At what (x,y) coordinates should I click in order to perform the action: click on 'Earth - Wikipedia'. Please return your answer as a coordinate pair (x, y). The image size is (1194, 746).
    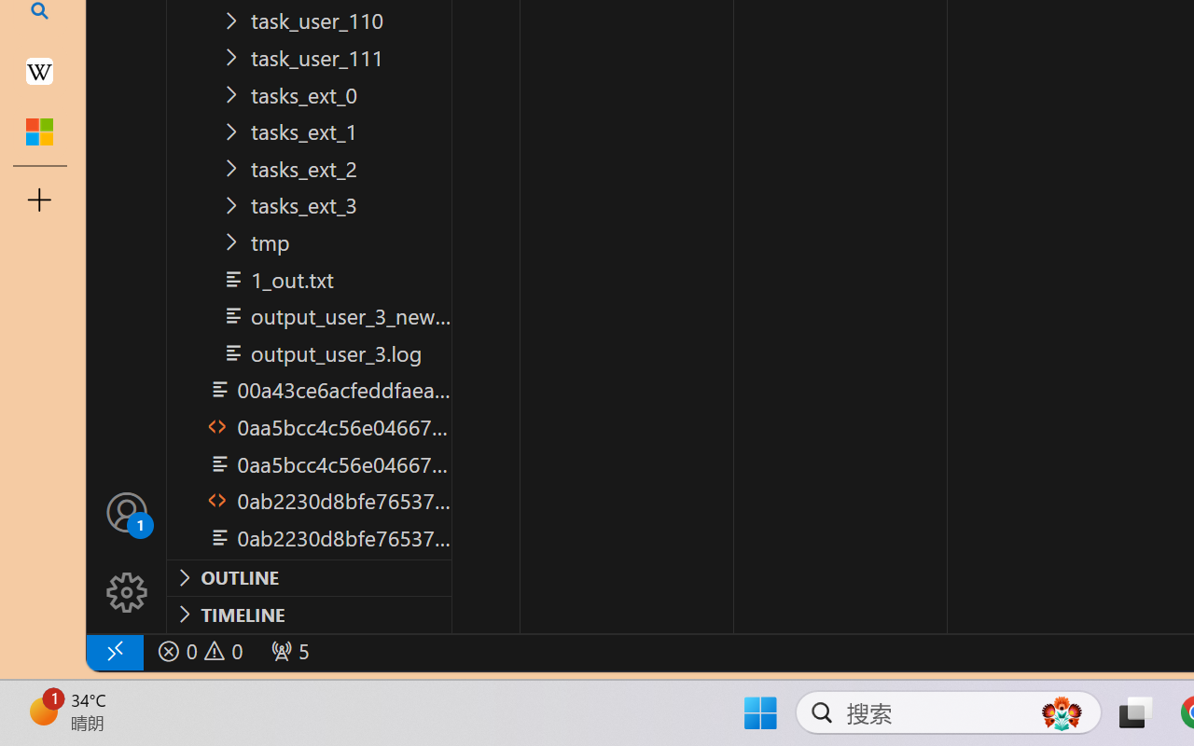
    Looking at the image, I should click on (39, 71).